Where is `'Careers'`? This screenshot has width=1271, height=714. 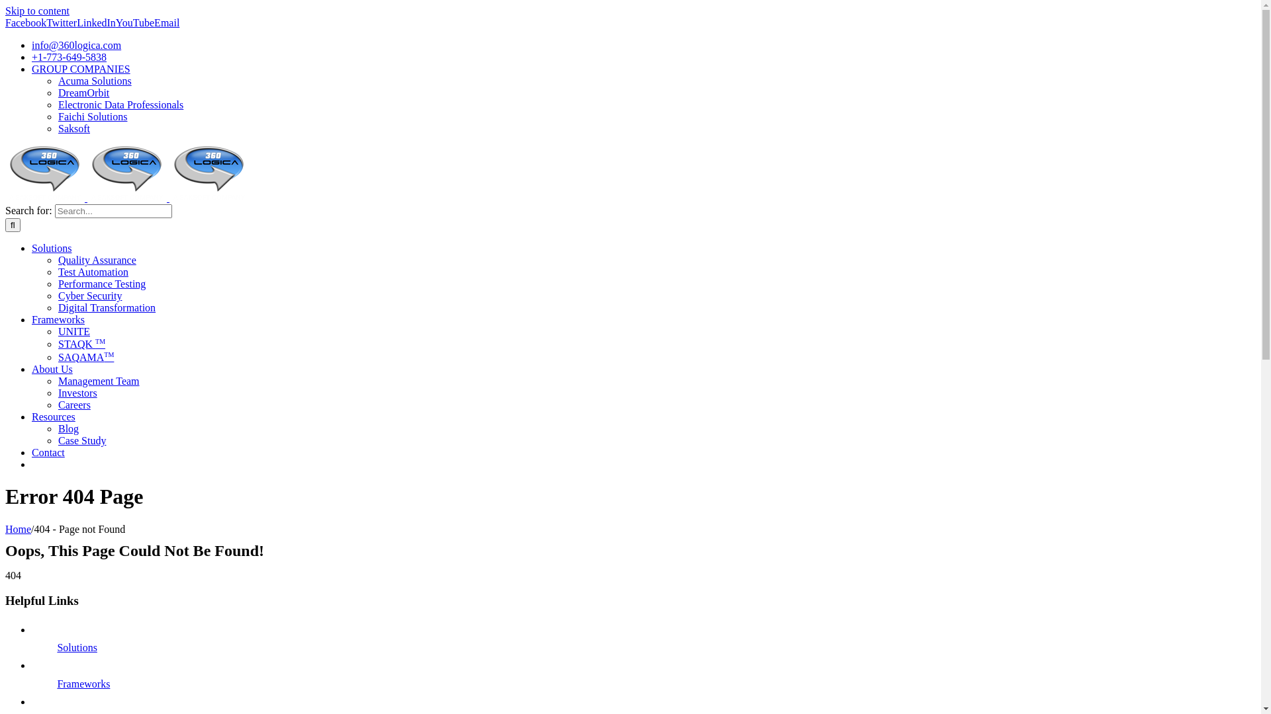 'Careers' is located at coordinates (73, 404).